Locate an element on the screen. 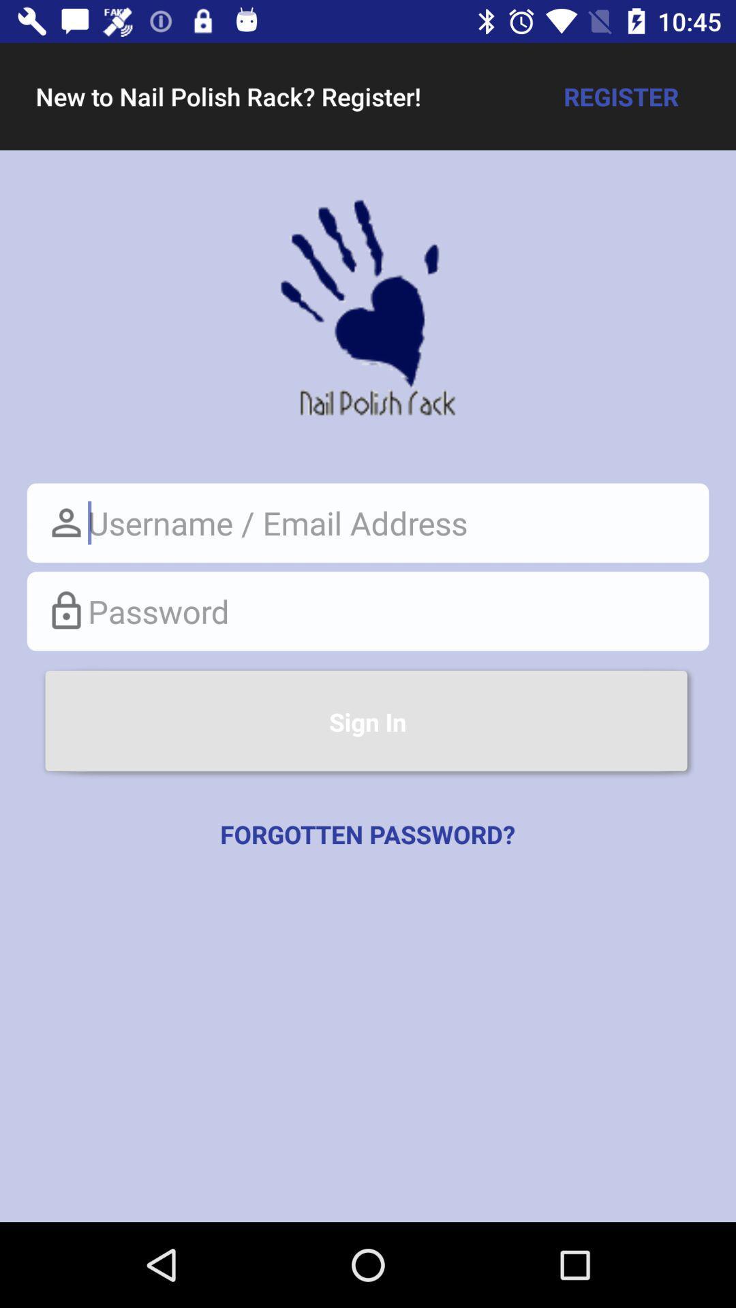 This screenshot has width=736, height=1308. password is located at coordinates (368, 610).